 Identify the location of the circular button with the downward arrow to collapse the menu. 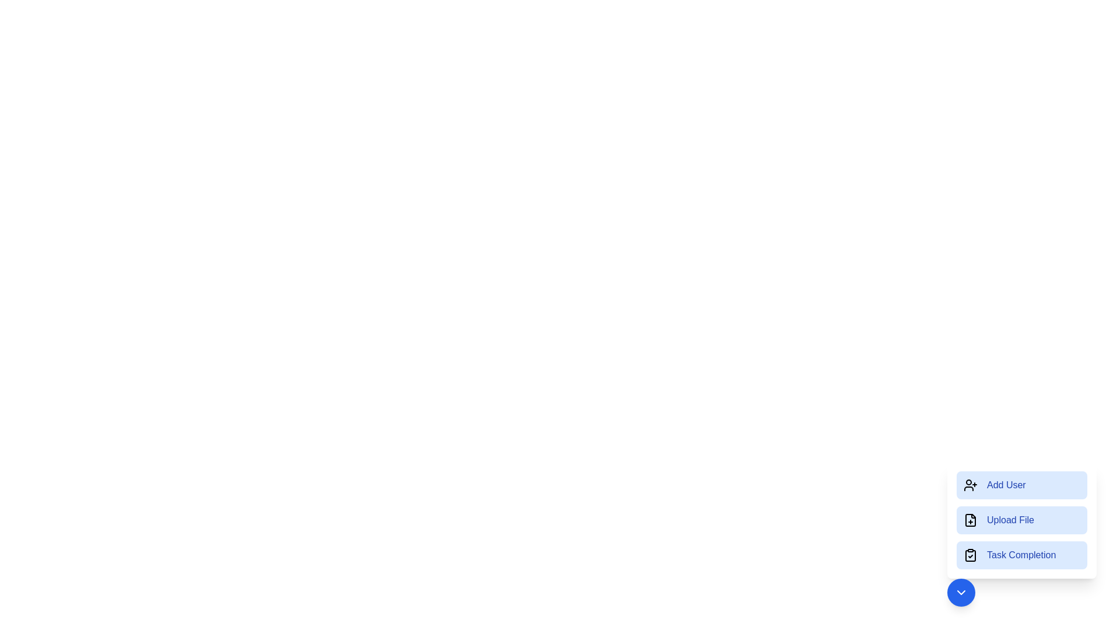
(961, 592).